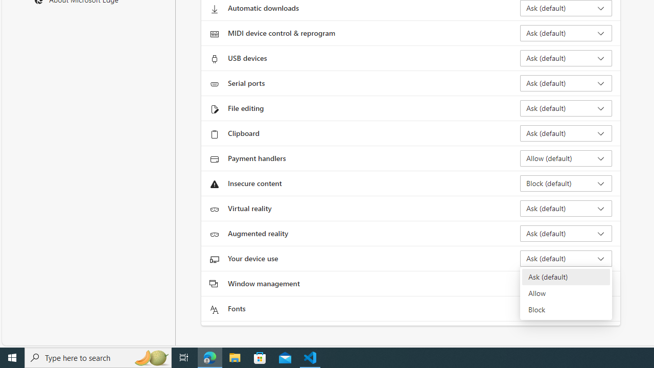  What do you see at coordinates (565, 277) in the screenshot?
I see `'Ask (default)'` at bounding box center [565, 277].